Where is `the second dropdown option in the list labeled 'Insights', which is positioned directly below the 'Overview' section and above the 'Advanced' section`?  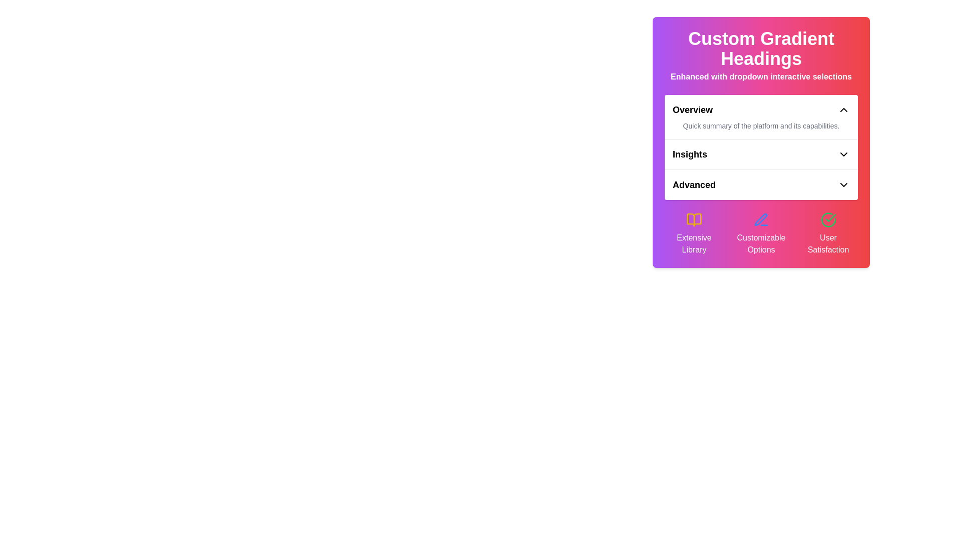
the second dropdown option in the list labeled 'Insights', which is positioned directly below the 'Overview' section and above the 'Advanced' section is located at coordinates (761, 142).